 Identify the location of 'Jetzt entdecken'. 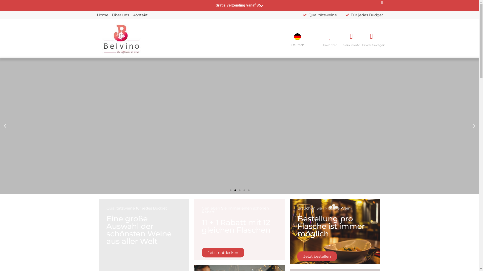
(223, 252).